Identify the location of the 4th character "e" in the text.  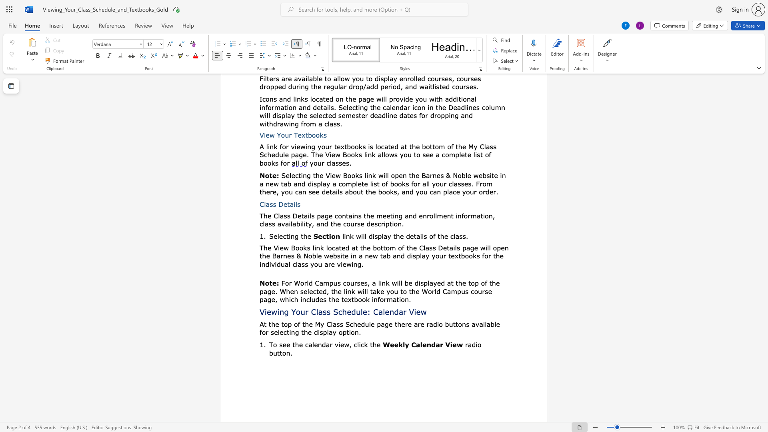
(315, 344).